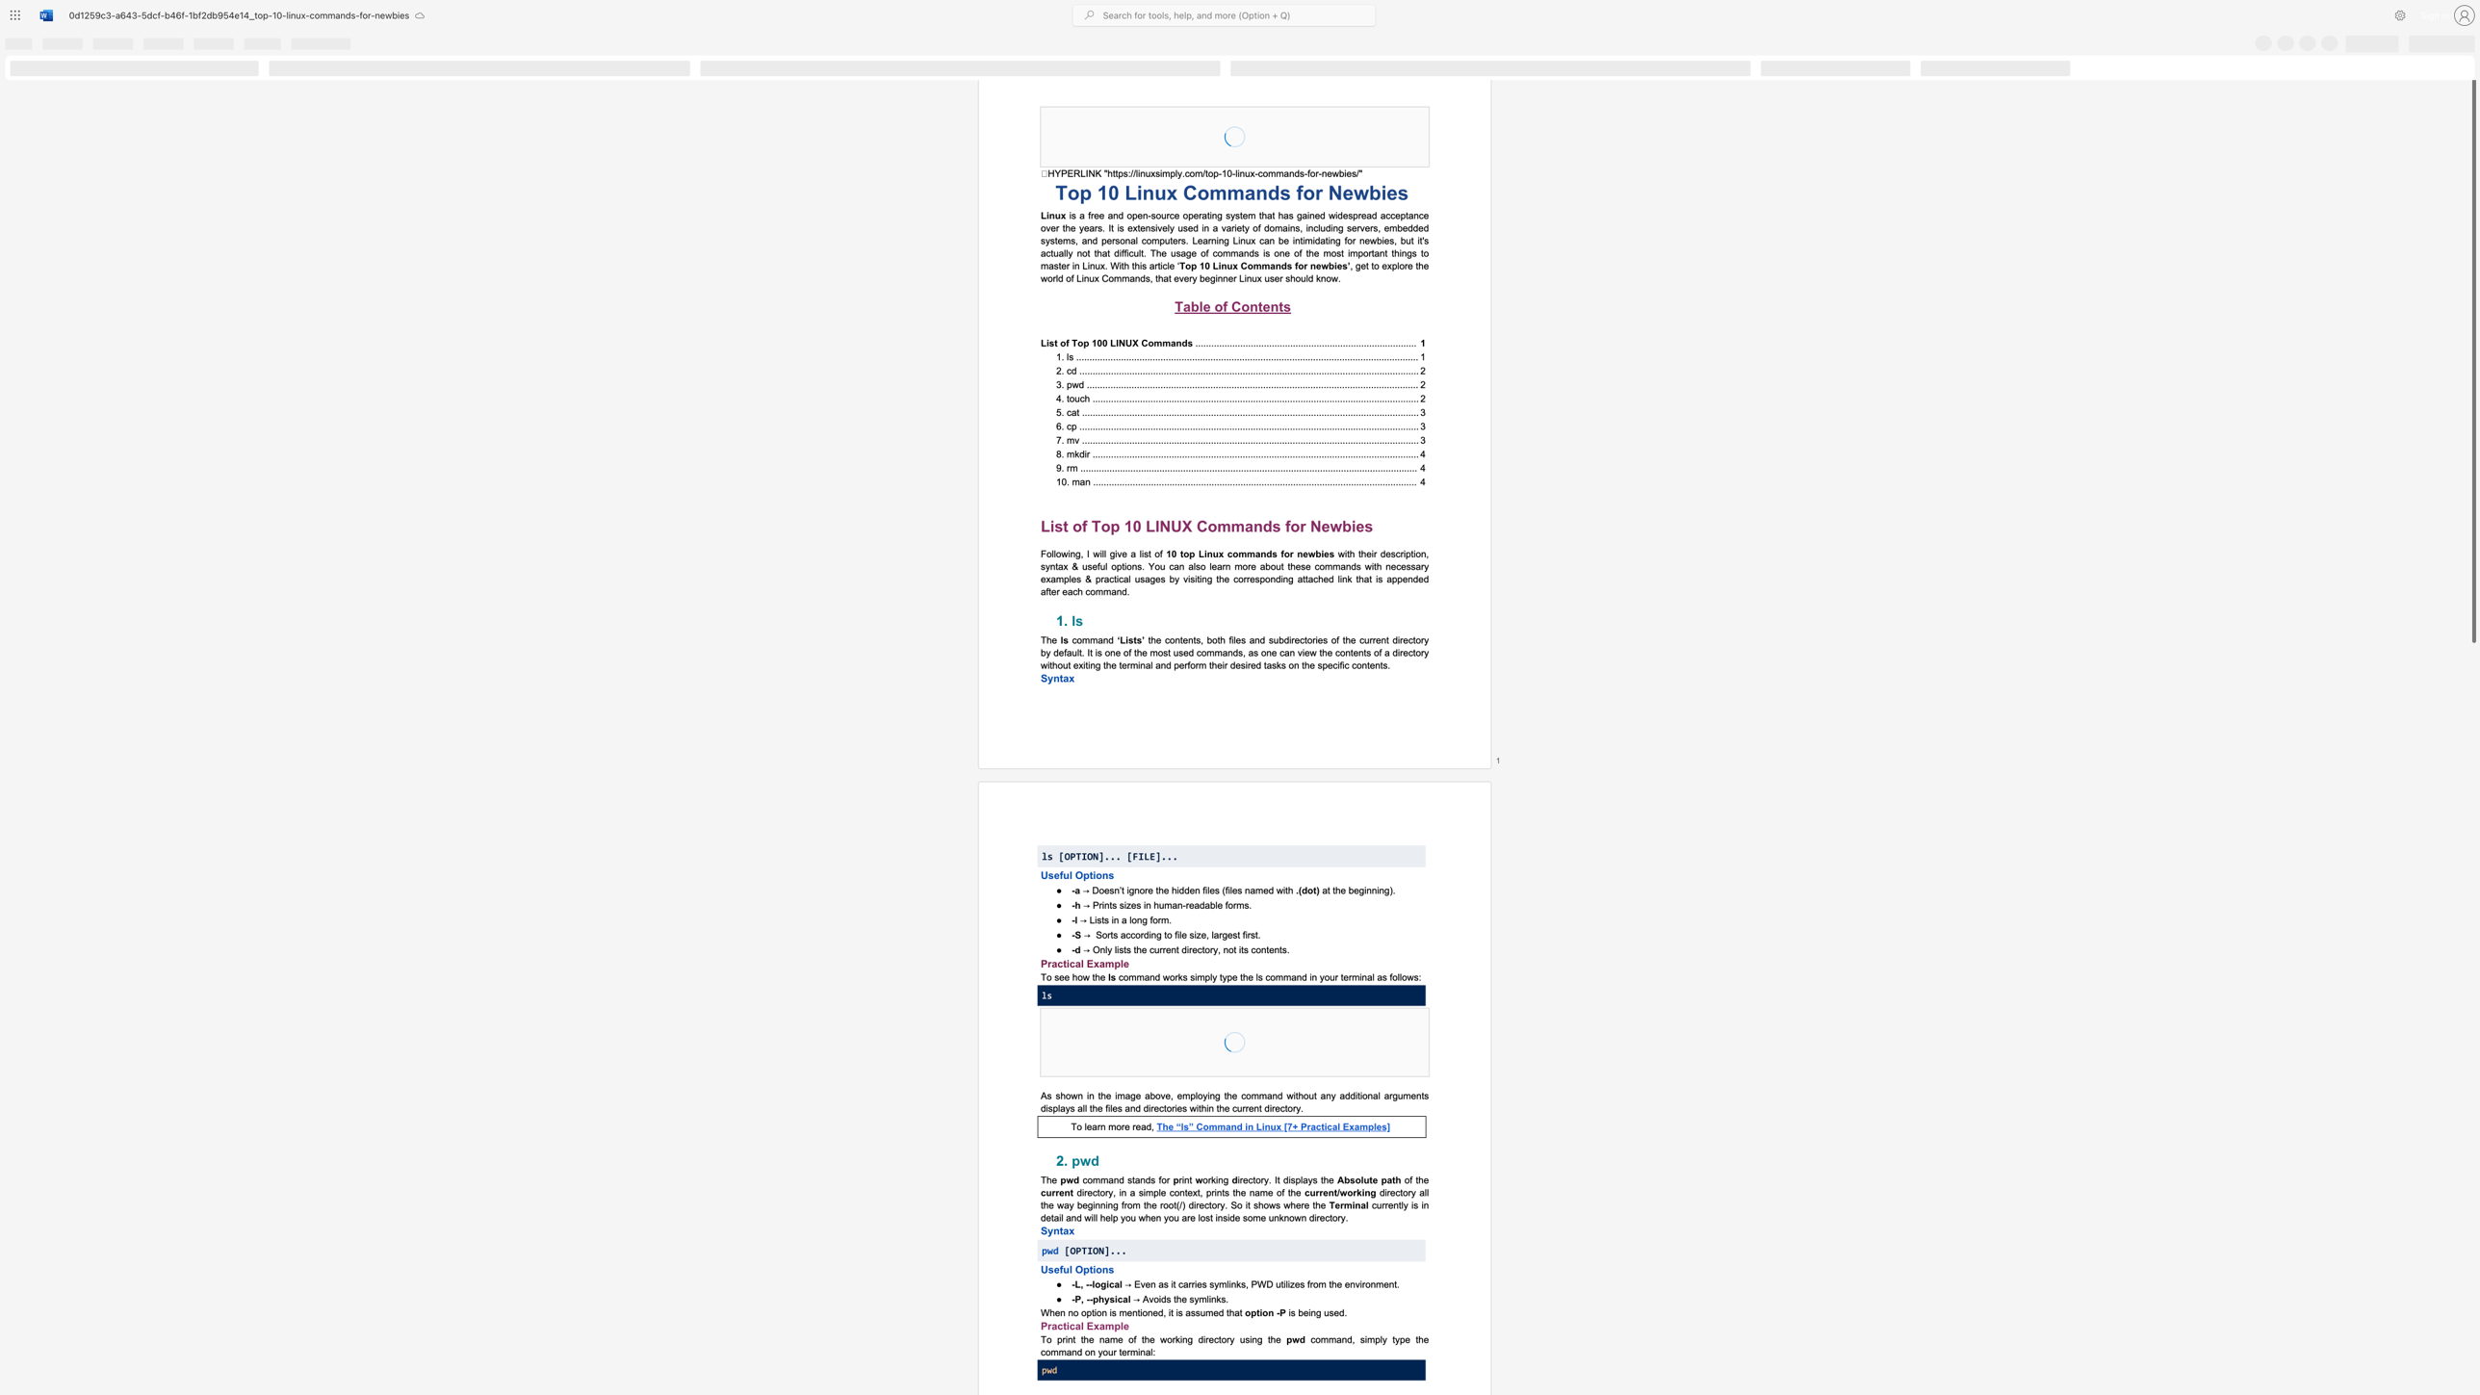 The height and width of the screenshot is (1395, 2480). I want to click on the scrollbar to move the view down, so click(2472, 1330).